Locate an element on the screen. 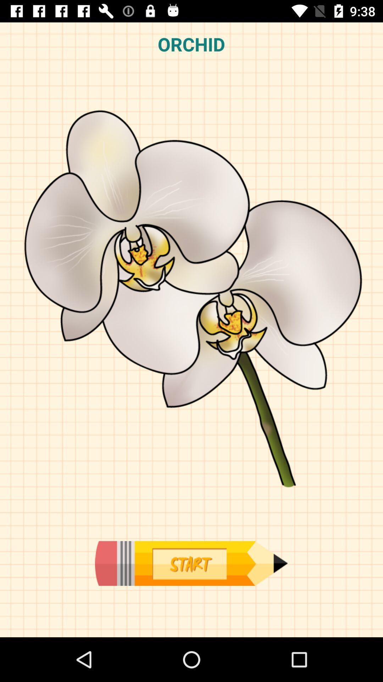  start is located at coordinates (191, 563).